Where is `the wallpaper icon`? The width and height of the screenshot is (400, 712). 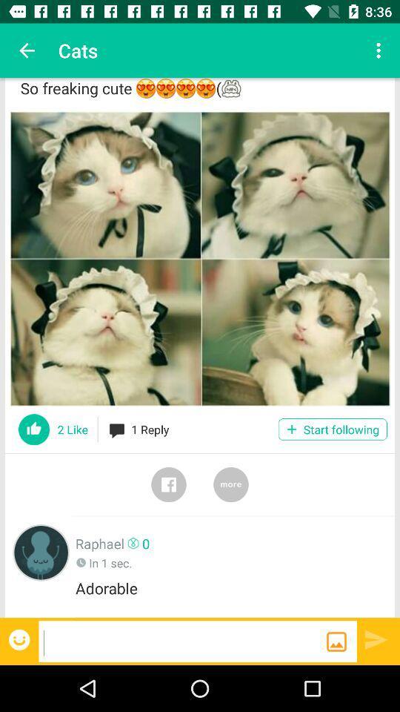 the wallpaper icon is located at coordinates (336, 641).